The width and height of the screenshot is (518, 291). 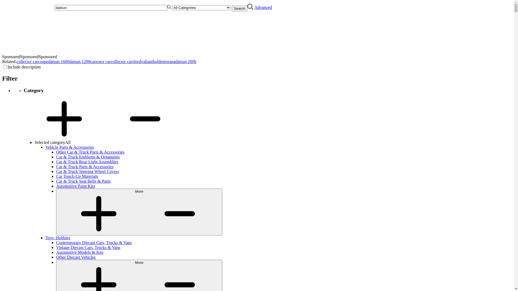 What do you see at coordinates (56, 161) in the screenshot?
I see `'Car & Truck Rear Light Assemblies'` at bounding box center [56, 161].